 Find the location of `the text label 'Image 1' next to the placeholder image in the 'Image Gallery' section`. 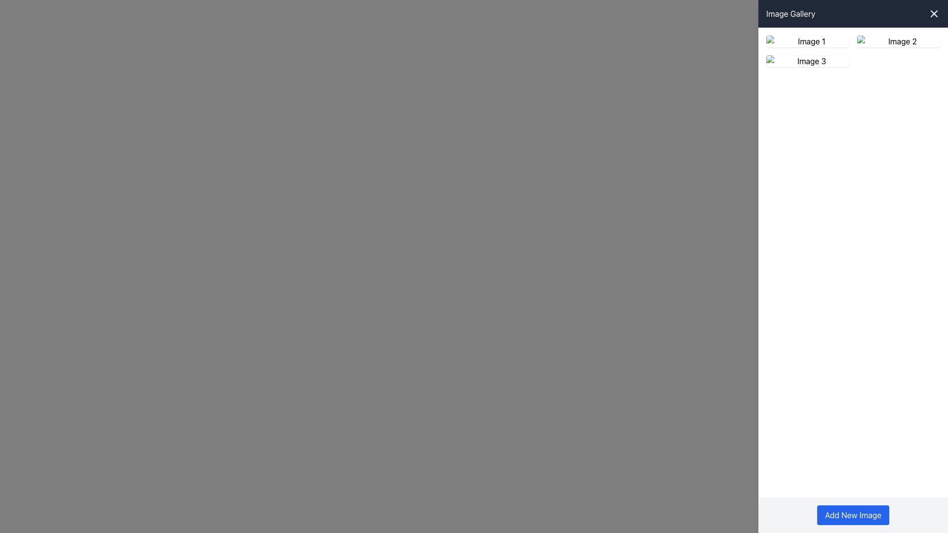

the text label 'Image 1' next to the placeholder image in the 'Image Gallery' section is located at coordinates (808, 41).